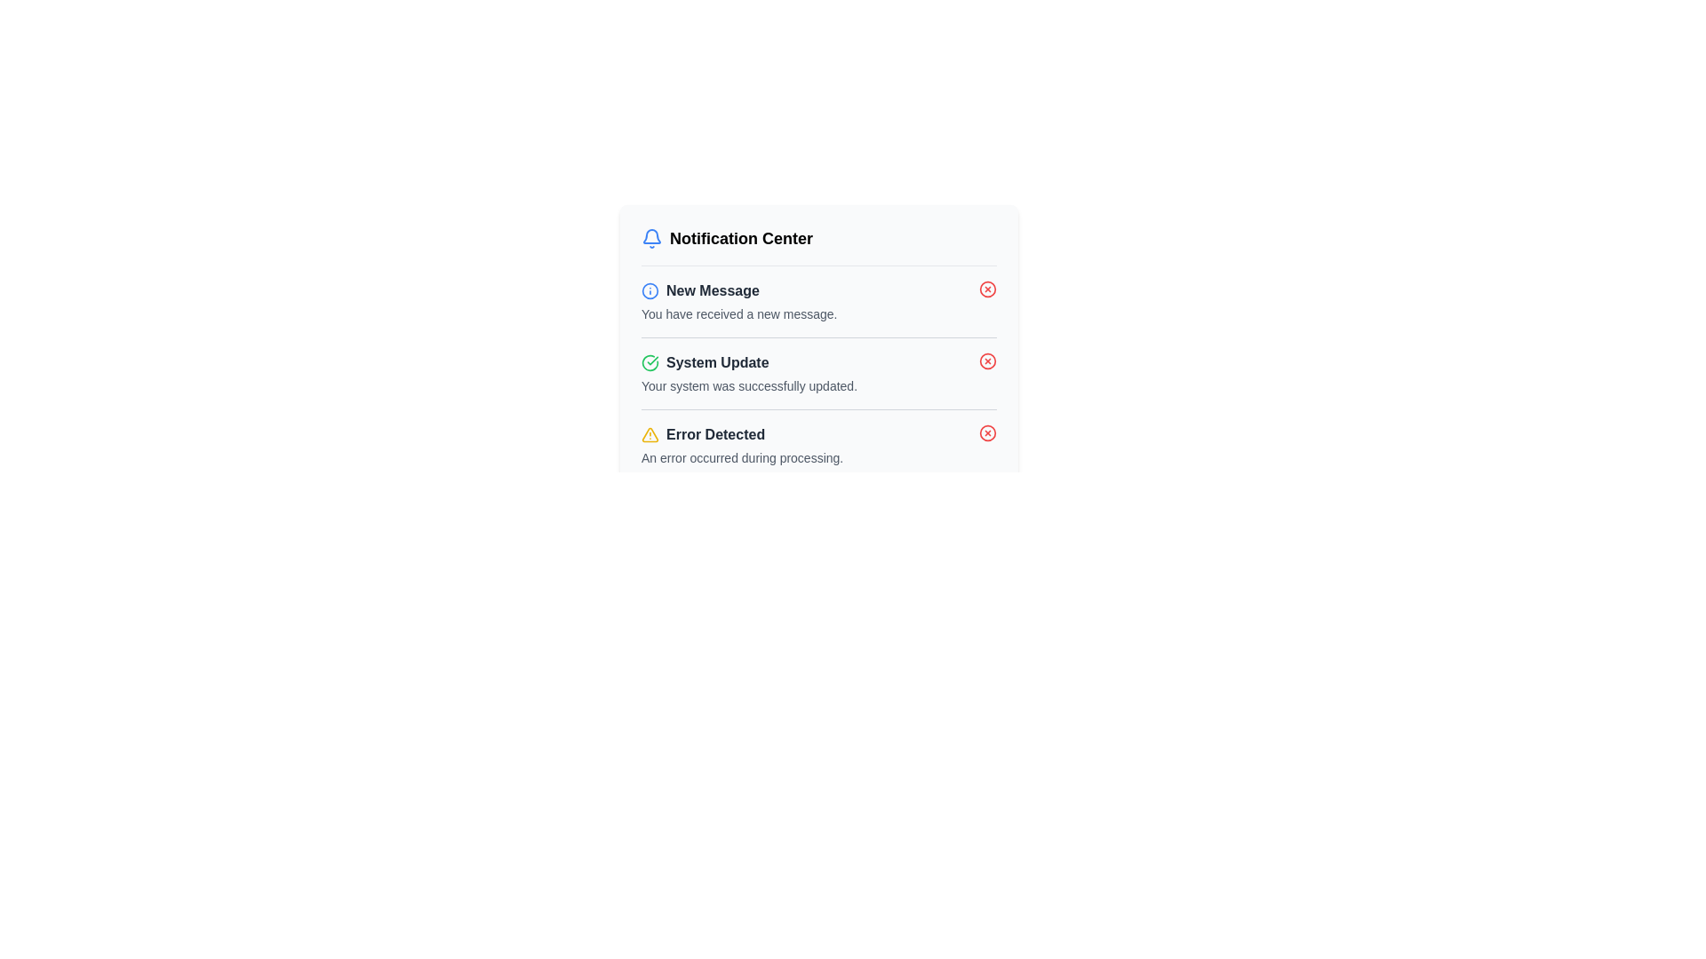  Describe the element at coordinates (742, 434) in the screenshot. I see `error message displayed in the text label 'Error Detected' located on the main notification panel, styled in bold dark gray font and accompanied by a yellow warning icon` at that location.